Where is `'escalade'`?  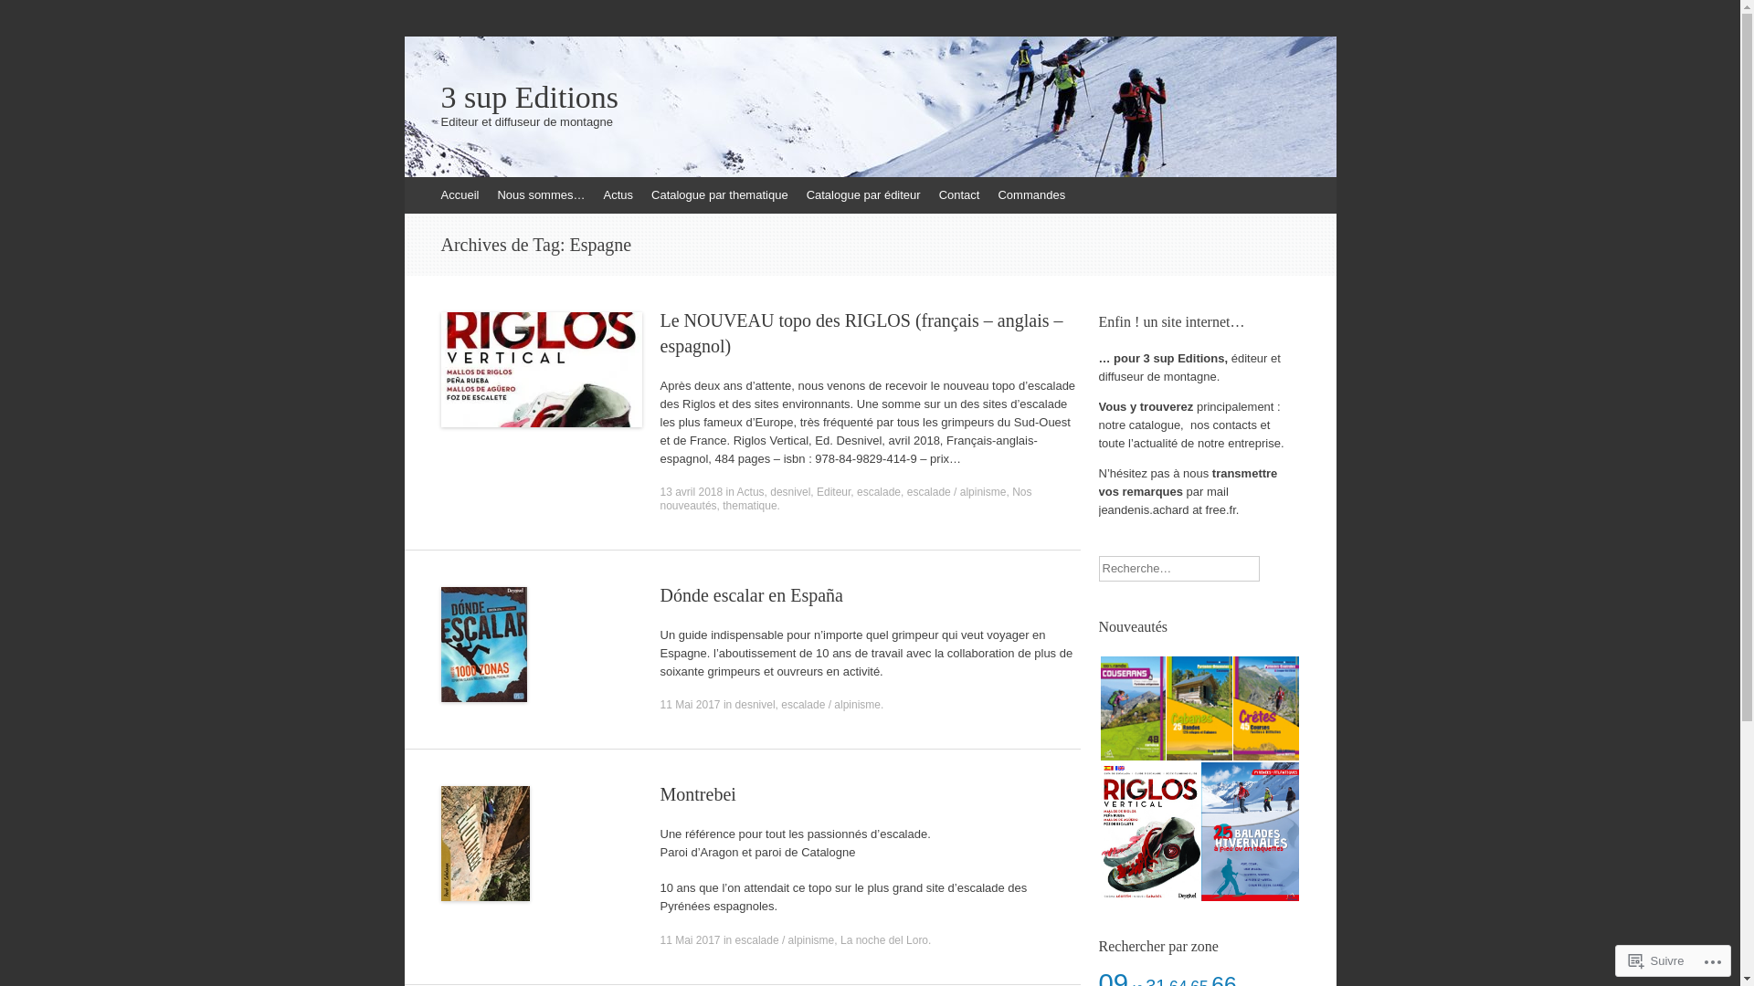 'escalade' is located at coordinates (878, 491).